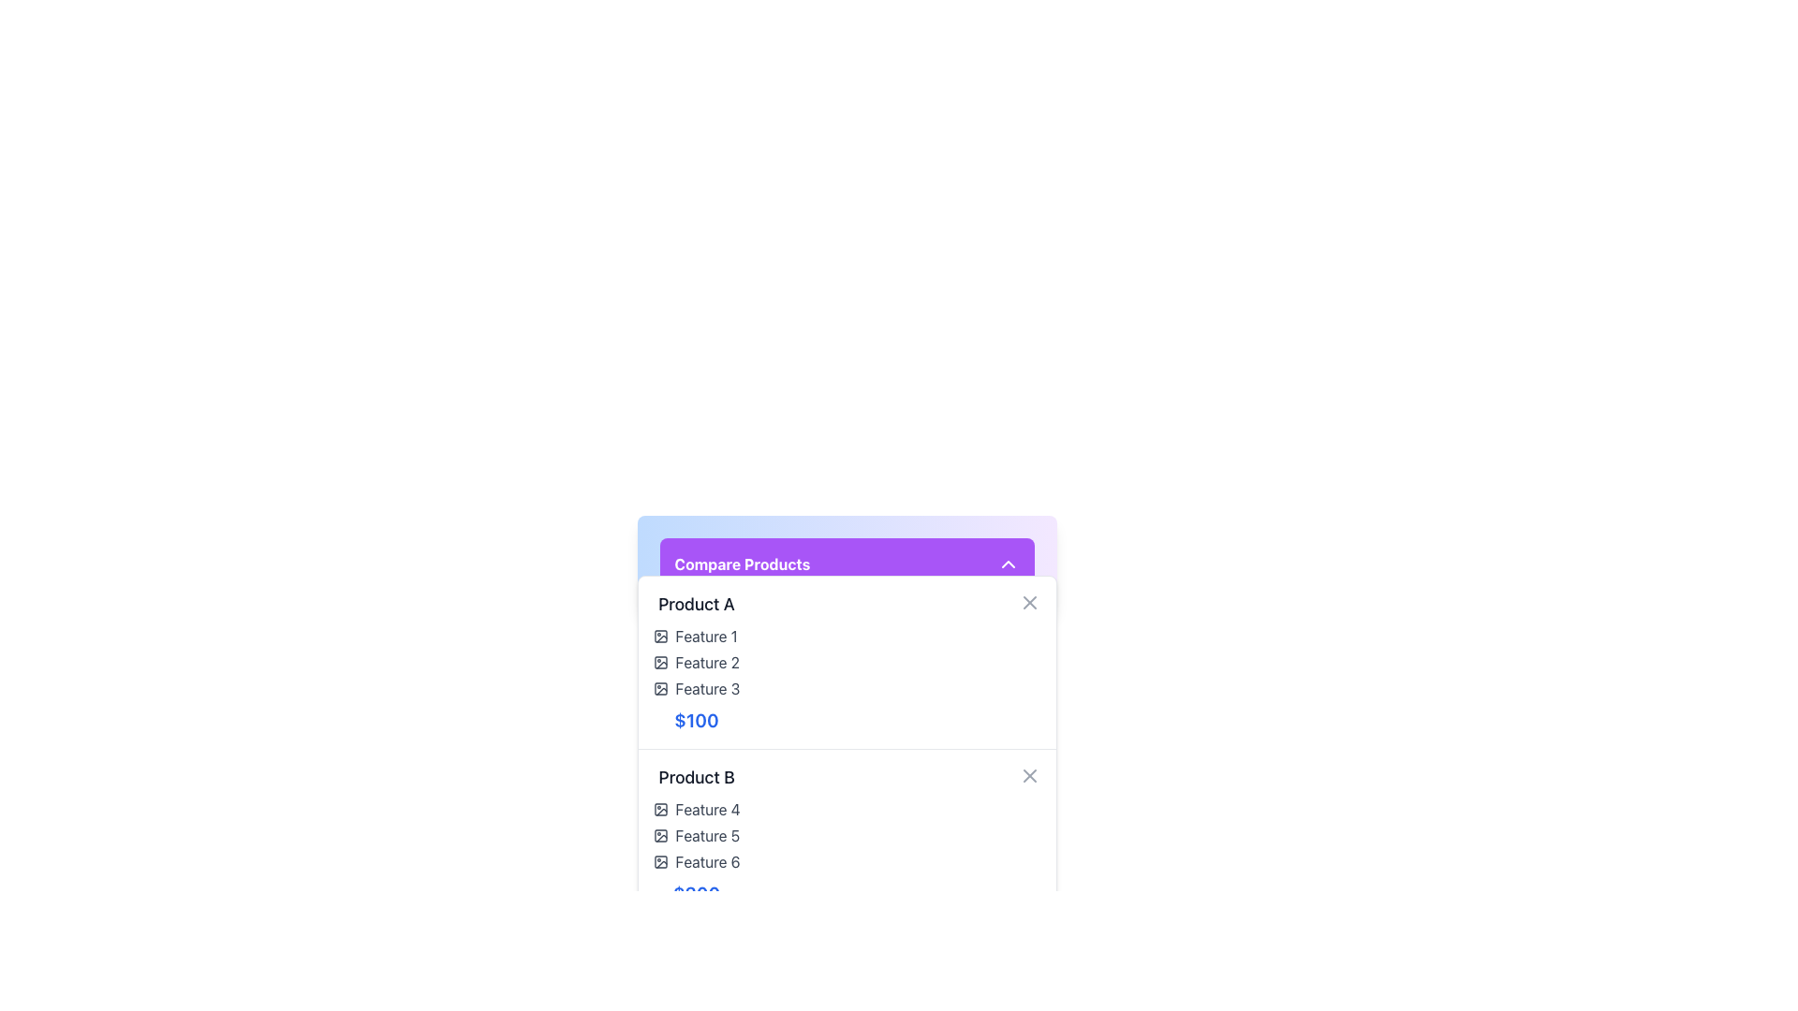 The image size is (1798, 1011). I want to click on the small circular button with an 'X' icon in the top-right corner of the 'Product B' section, so click(1028, 776).